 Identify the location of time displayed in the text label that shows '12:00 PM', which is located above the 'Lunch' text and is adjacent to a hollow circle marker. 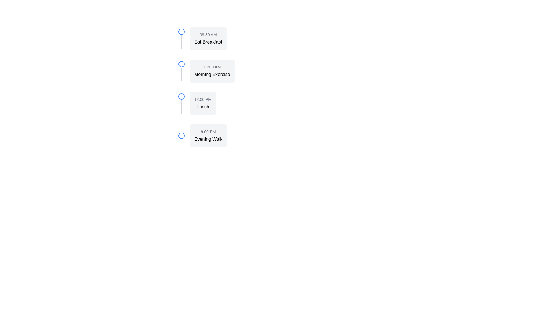
(203, 99).